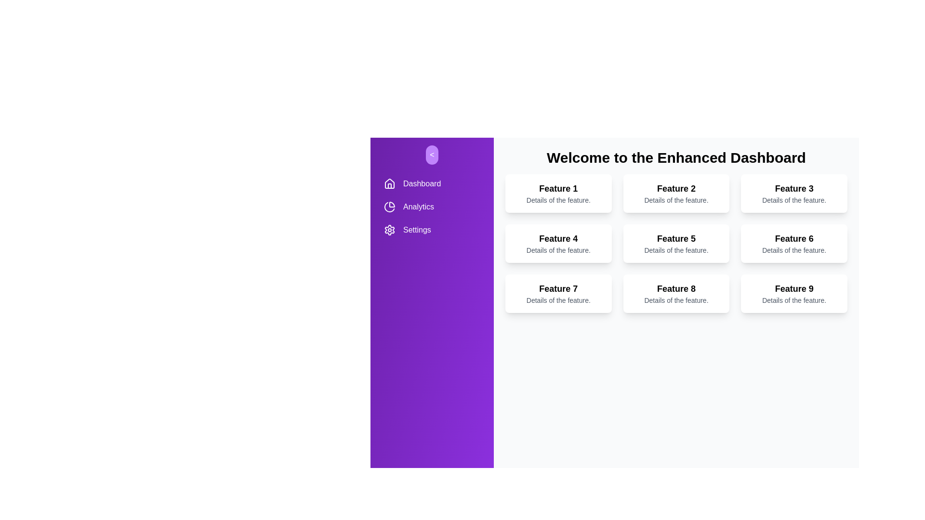  Describe the element at coordinates (432, 154) in the screenshot. I see `toggle button to toggle the drawer open or closed` at that location.